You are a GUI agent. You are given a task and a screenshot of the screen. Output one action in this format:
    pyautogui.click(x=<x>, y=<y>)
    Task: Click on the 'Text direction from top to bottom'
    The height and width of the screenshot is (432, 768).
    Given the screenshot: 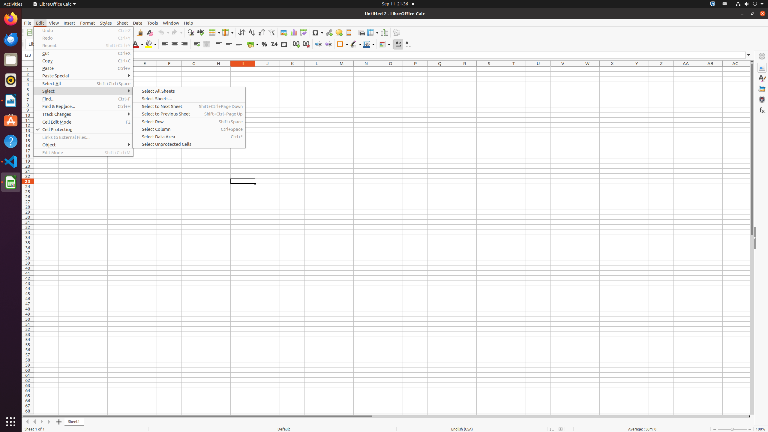 What is the action you would take?
    pyautogui.click(x=408, y=44)
    